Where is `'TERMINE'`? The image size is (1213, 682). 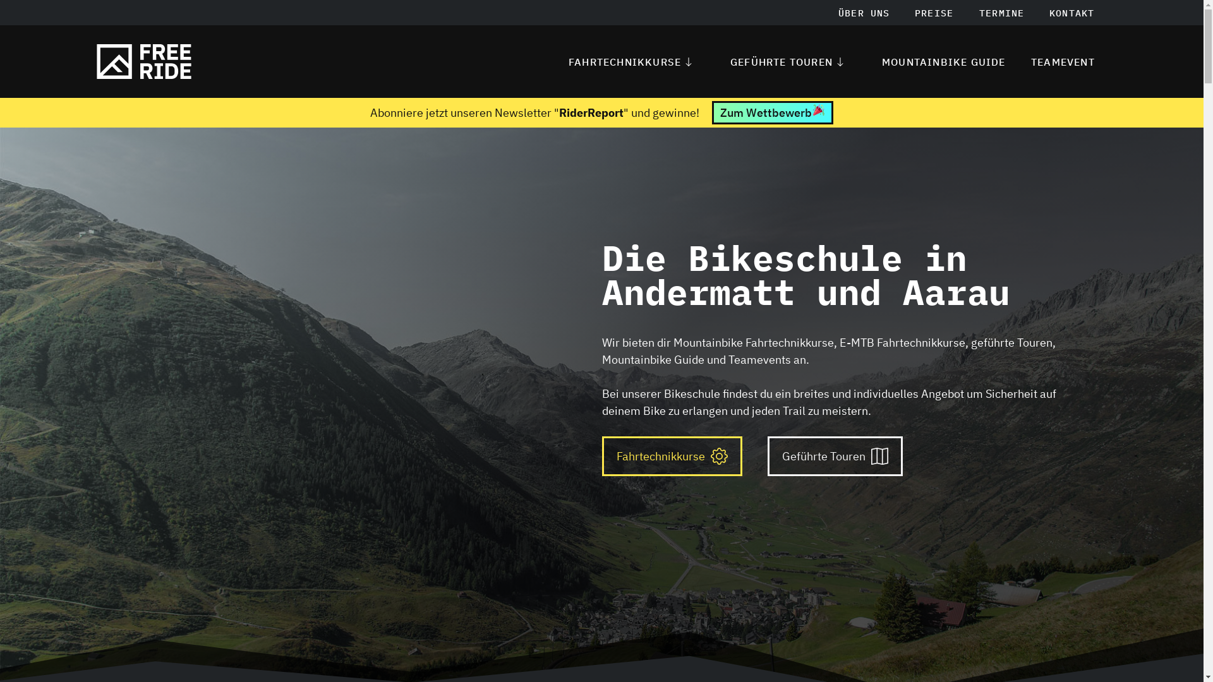
'TERMINE' is located at coordinates (1001, 12).